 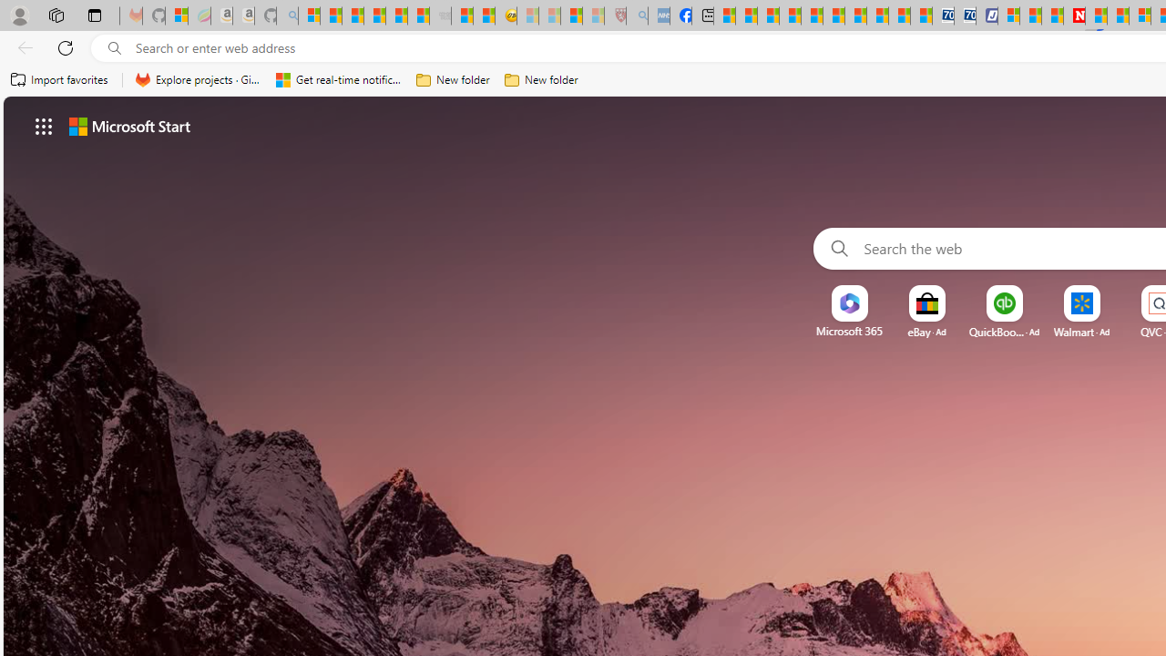 What do you see at coordinates (848, 302) in the screenshot?
I see `'To get missing image descriptions, open the context menu.'` at bounding box center [848, 302].